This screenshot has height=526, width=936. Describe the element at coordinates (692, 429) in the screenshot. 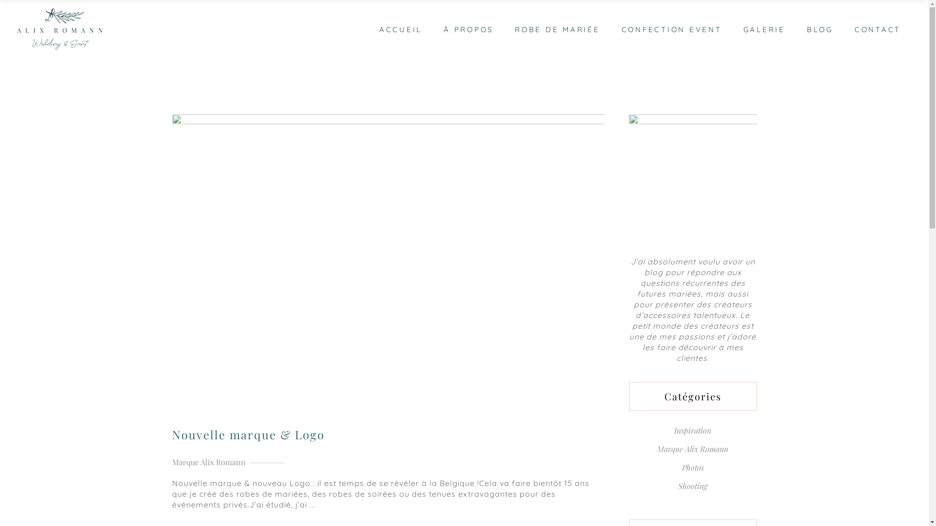

I see `'Inspiration'` at that location.